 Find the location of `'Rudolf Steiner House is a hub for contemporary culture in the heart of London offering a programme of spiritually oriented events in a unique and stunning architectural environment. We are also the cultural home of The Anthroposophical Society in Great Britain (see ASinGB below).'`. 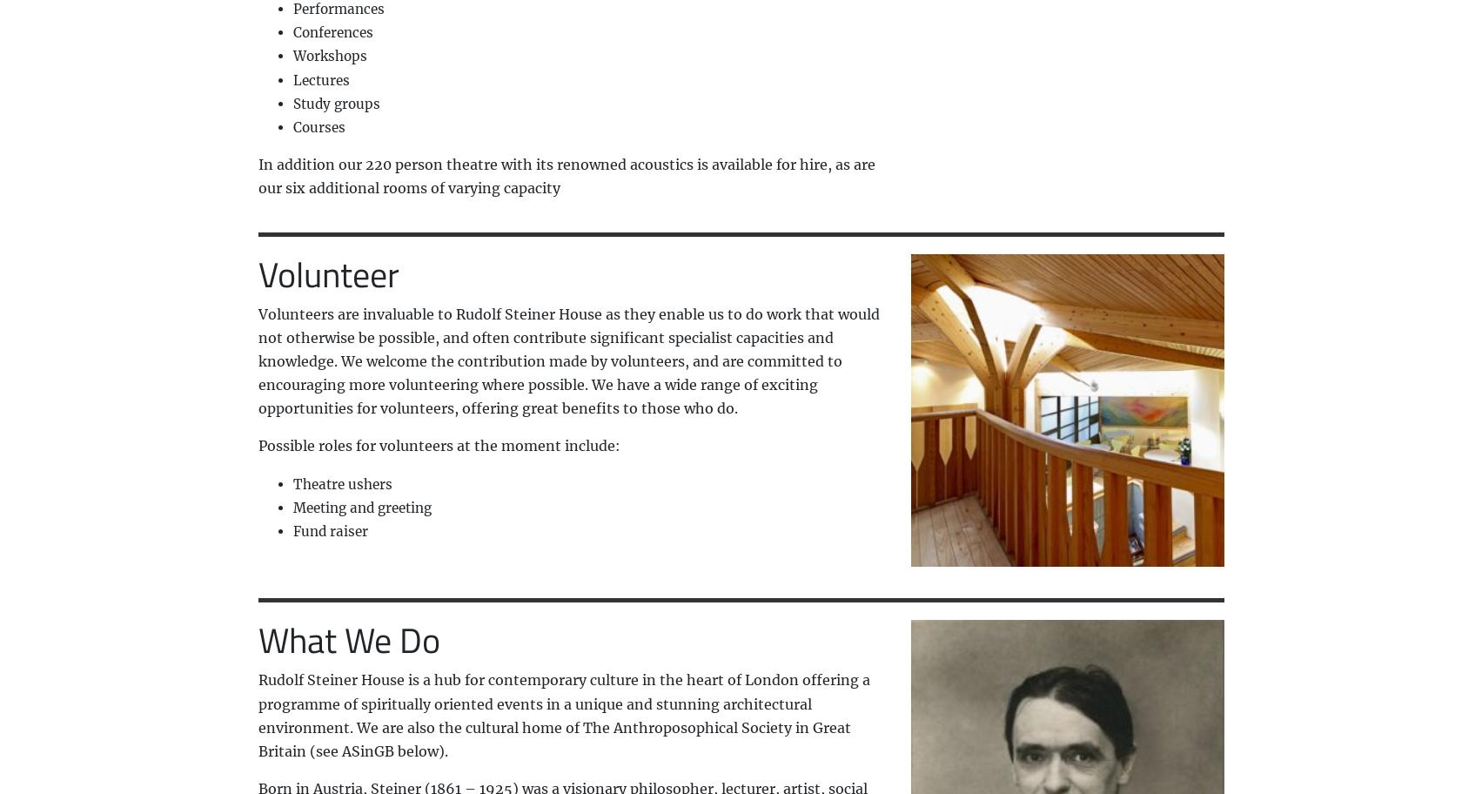

'Rudolf Steiner House is a hub for contemporary culture in the heart of London offering a programme of spiritually oriented events in a unique and stunning architectural environment. We are also the cultural home of The Anthroposophical Society in Great Britain (see ASinGB below).' is located at coordinates (562, 714).